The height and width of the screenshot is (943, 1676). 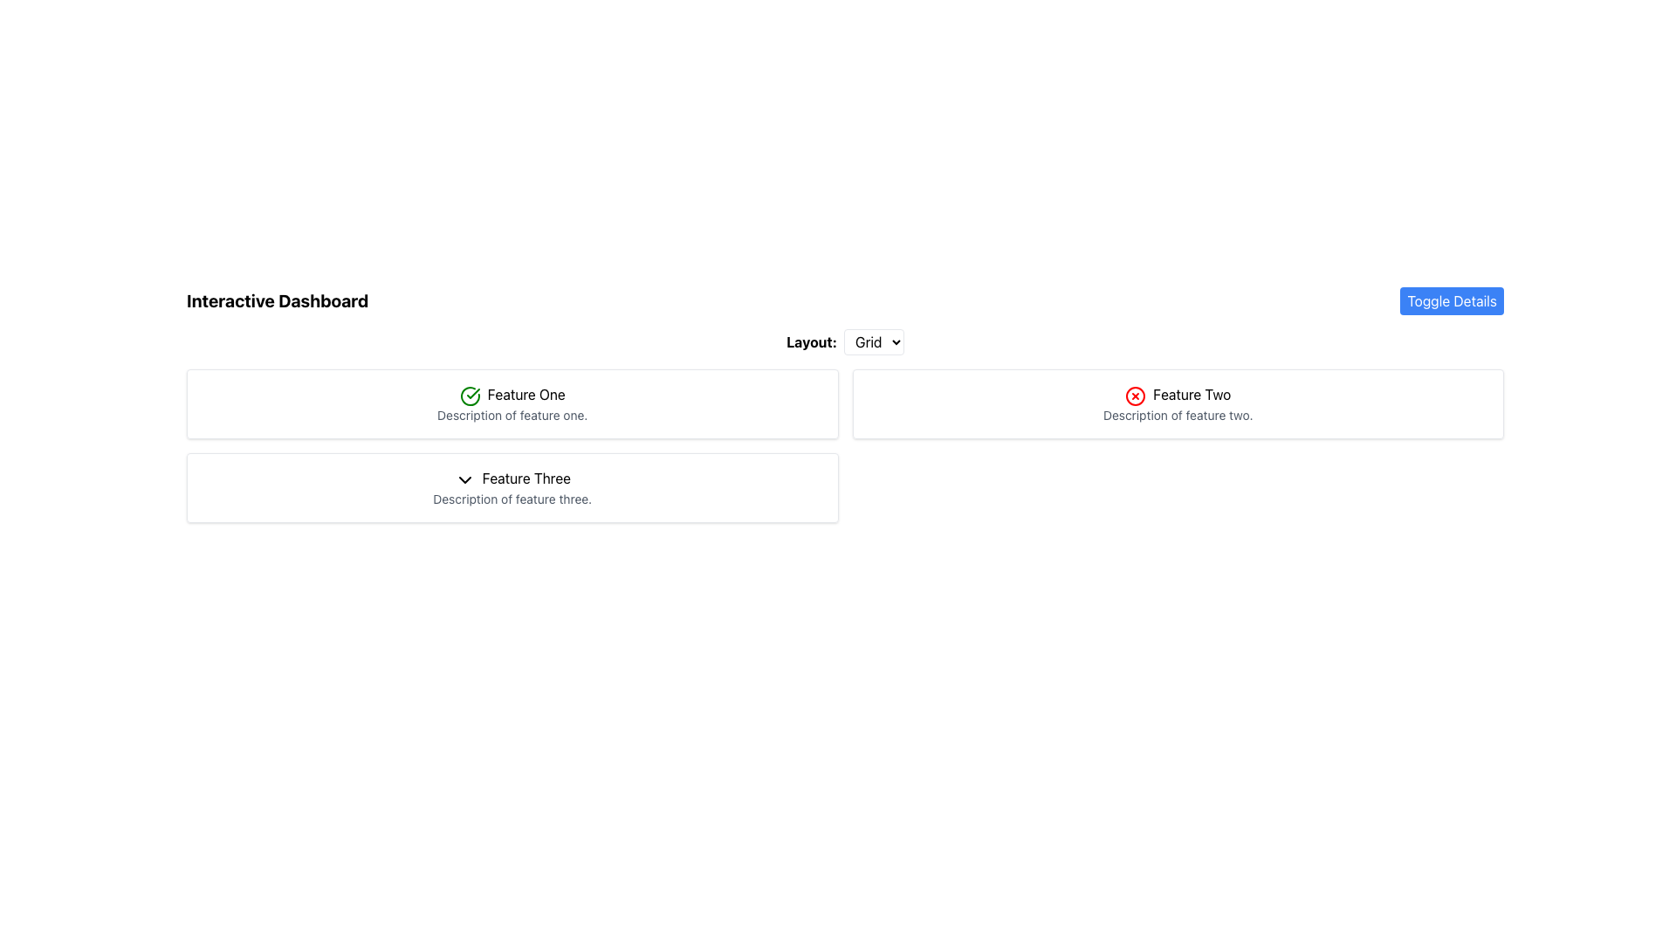 What do you see at coordinates (1452, 299) in the screenshot?
I see `the blue rectangular button labeled 'Toggle Details'` at bounding box center [1452, 299].